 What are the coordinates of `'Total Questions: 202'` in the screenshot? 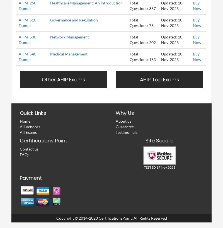 It's located at (142, 39).